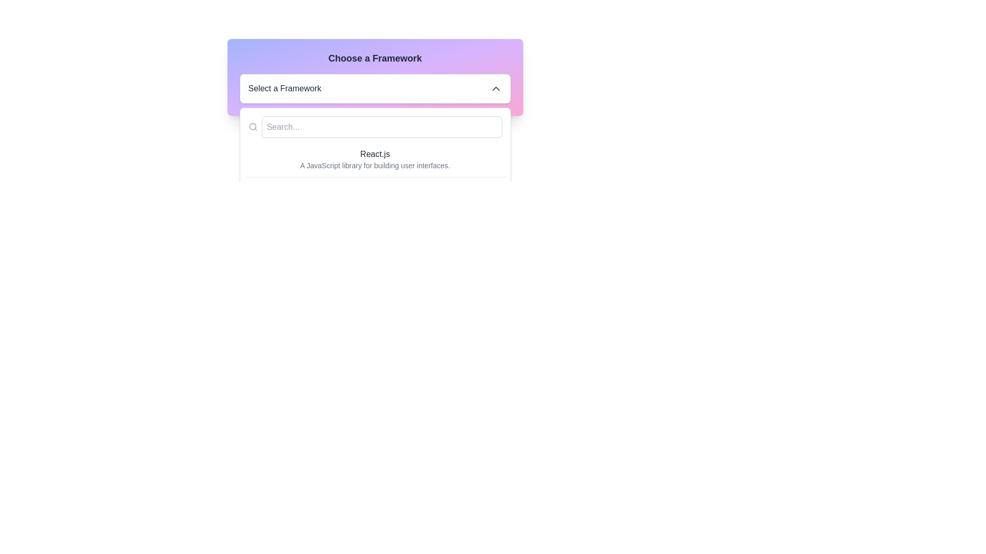 Image resolution: width=986 pixels, height=554 pixels. Describe the element at coordinates (253, 126) in the screenshot. I see `the inner circular part of the magnifying glass icon, which represents the lens of the search feature` at that location.